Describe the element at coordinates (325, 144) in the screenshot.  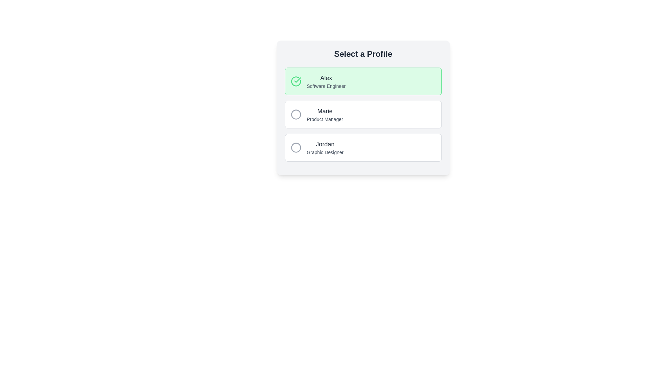
I see `the text label displaying 'Jordan', which is prominently positioned in a gray-black bold font at the center of its list panel` at that location.